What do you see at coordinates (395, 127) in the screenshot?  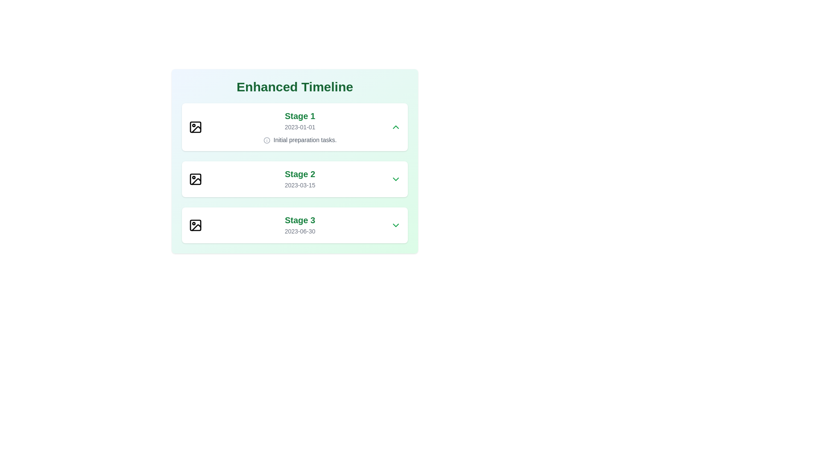 I see `the small upward-pointing green chevron icon in the upper-right corner of the 'Stage 1' box` at bounding box center [395, 127].